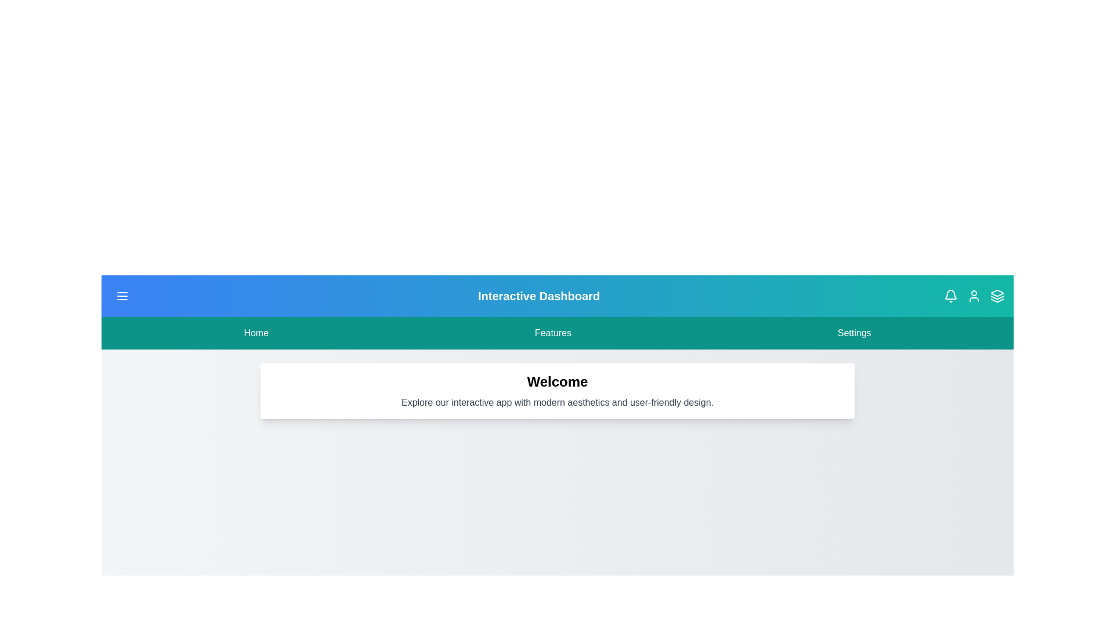 Image resolution: width=1114 pixels, height=626 pixels. What do you see at coordinates (974, 295) in the screenshot?
I see `the user icon in the header to observe changes or tooltips` at bounding box center [974, 295].